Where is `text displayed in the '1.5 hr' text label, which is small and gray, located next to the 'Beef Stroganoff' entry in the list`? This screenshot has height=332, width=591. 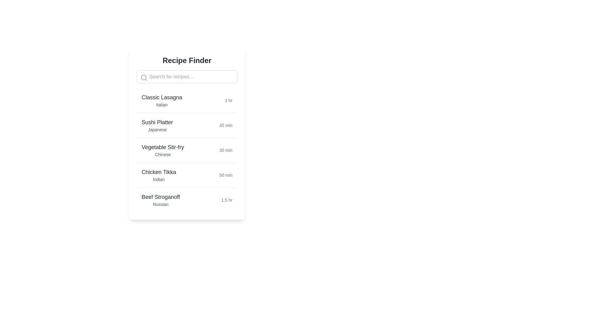
text displayed in the '1.5 hr' text label, which is small and gray, located next to the 'Beef Stroganoff' entry in the list is located at coordinates (227, 200).